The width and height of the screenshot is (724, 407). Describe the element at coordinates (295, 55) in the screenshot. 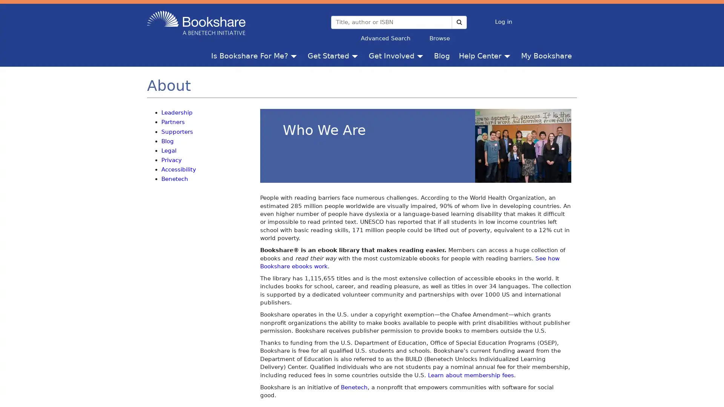

I see `Is Bookshare For Me? menu` at that location.